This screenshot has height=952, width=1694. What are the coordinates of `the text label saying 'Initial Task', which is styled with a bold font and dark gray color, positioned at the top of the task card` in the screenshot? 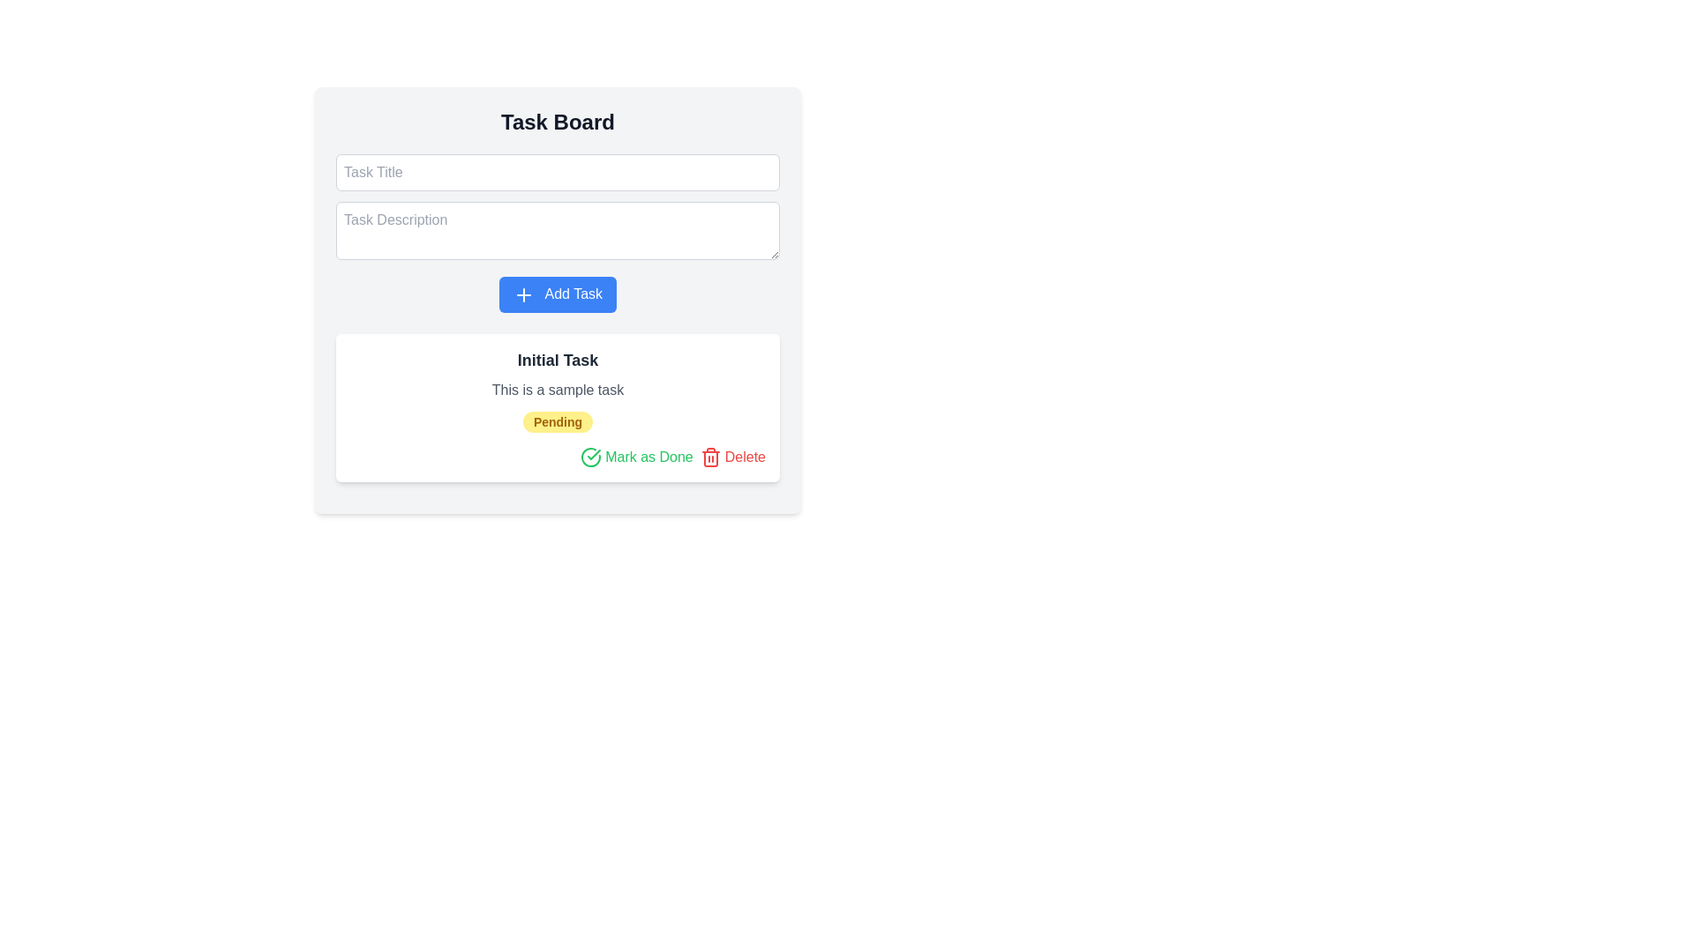 It's located at (557, 359).